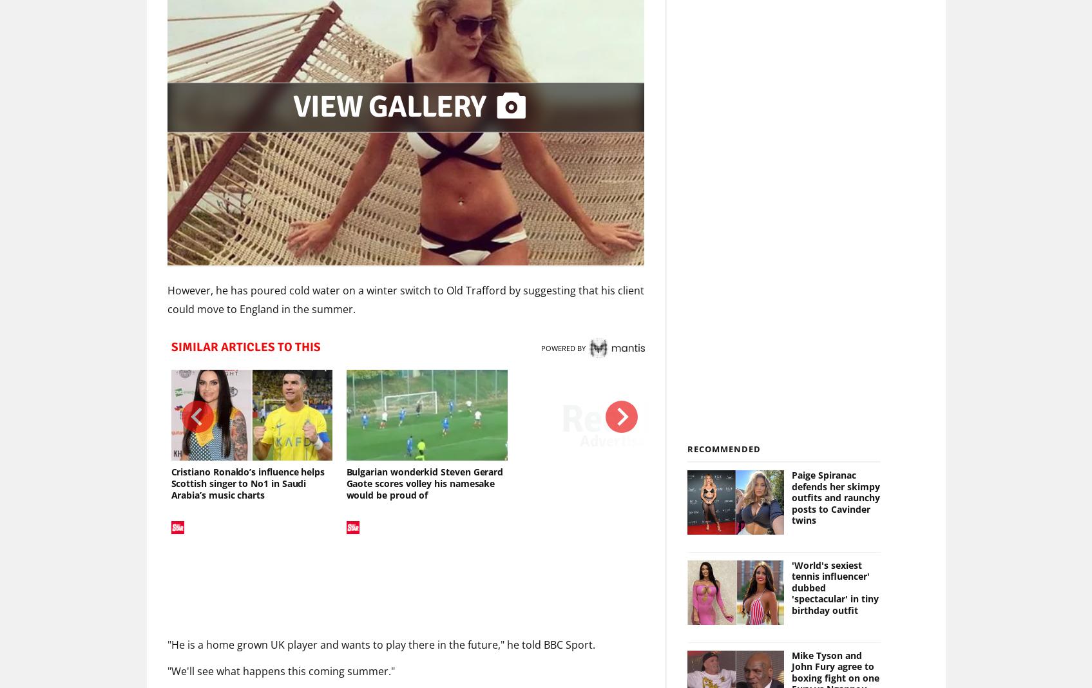 The height and width of the screenshot is (688, 1092). Describe the element at coordinates (835, 498) in the screenshot. I see `'Paige Spiranac defends her skimpy outfits and raunchy posts to Cavinder twins'` at that location.